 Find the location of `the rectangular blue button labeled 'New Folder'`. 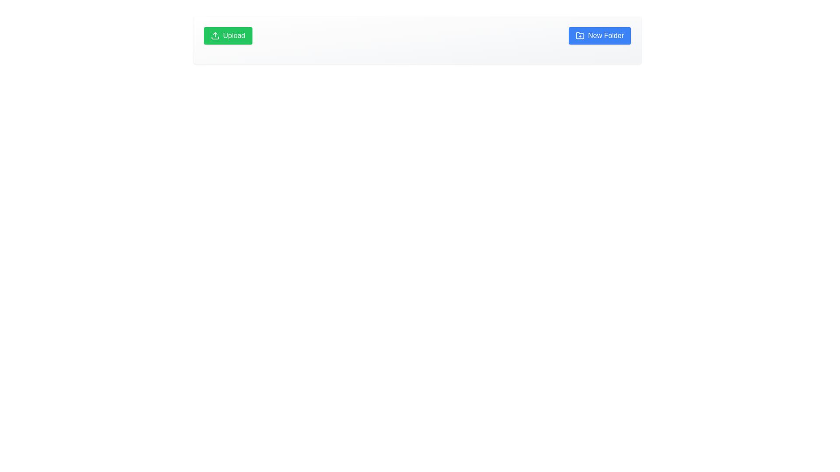

the rectangular blue button labeled 'New Folder' is located at coordinates (599, 35).